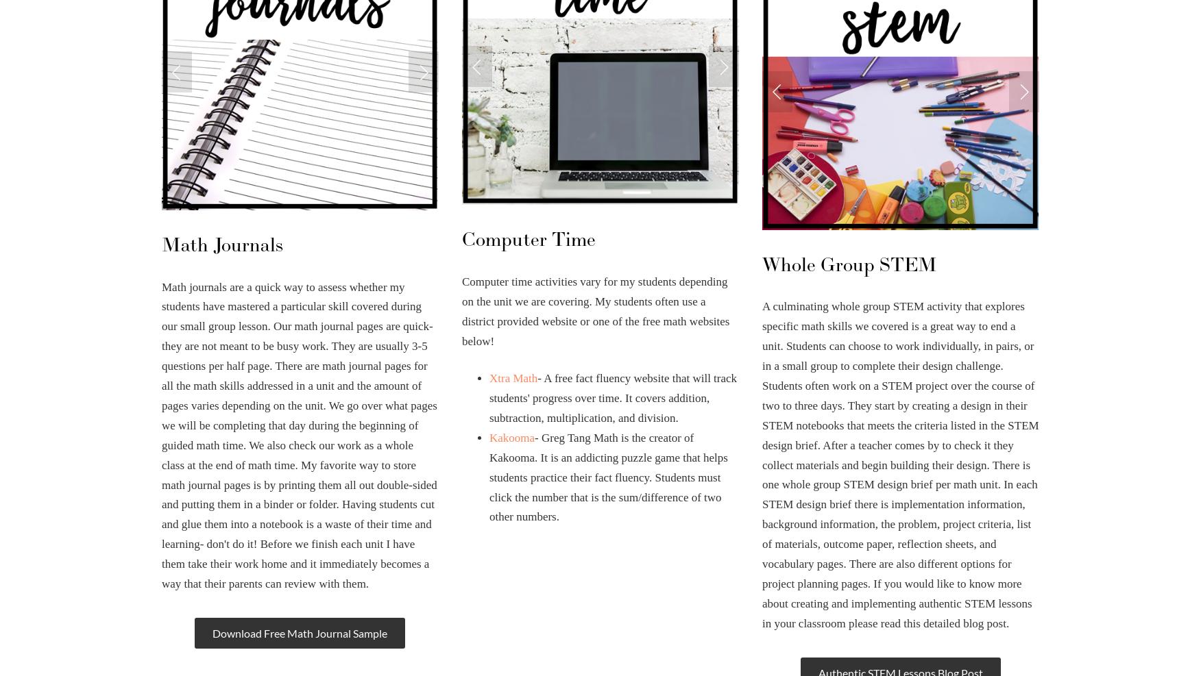  What do you see at coordinates (511, 437) in the screenshot?
I see `'Kakooma'` at bounding box center [511, 437].